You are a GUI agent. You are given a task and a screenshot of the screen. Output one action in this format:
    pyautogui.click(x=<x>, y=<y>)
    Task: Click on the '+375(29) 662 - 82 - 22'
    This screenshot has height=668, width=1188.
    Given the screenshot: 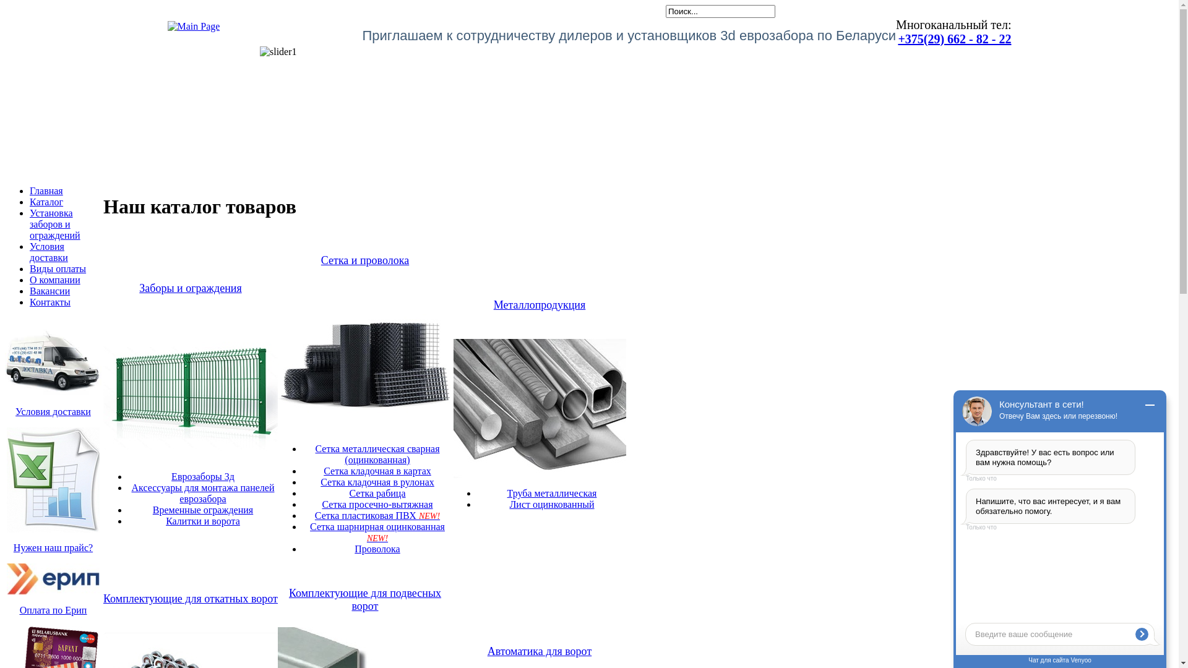 What is the action you would take?
    pyautogui.click(x=953, y=38)
    